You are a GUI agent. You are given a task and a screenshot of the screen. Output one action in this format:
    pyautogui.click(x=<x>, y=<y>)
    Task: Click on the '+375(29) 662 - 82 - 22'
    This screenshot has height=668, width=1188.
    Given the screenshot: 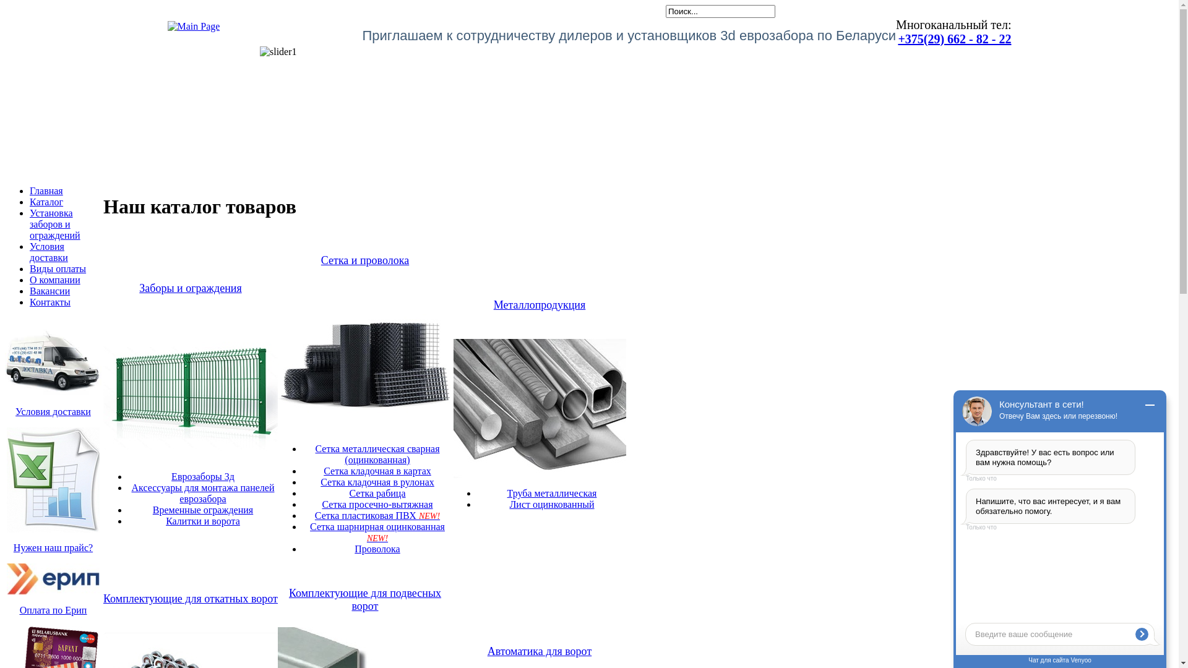 What is the action you would take?
    pyautogui.click(x=953, y=38)
    